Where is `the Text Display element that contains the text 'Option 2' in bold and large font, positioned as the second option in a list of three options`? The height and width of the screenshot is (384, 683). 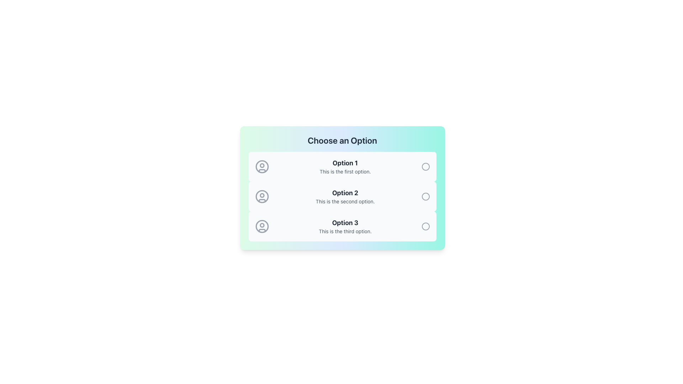 the Text Display element that contains the text 'Option 2' in bold and large font, positioned as the second option in a list of three options is located at coordinates (345, 196).